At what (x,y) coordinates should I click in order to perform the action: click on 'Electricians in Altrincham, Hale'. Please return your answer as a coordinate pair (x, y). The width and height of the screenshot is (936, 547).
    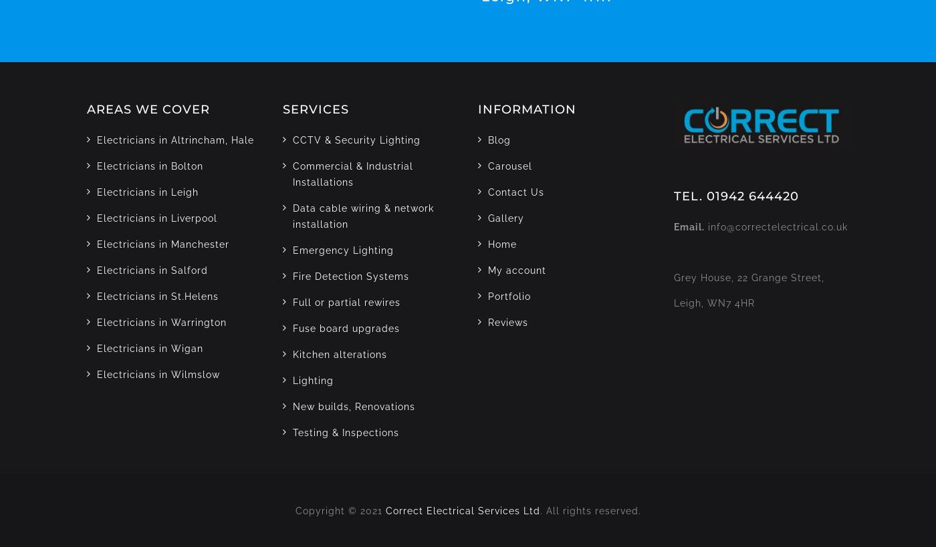
    Looking at the image, I should click on (175, 140).